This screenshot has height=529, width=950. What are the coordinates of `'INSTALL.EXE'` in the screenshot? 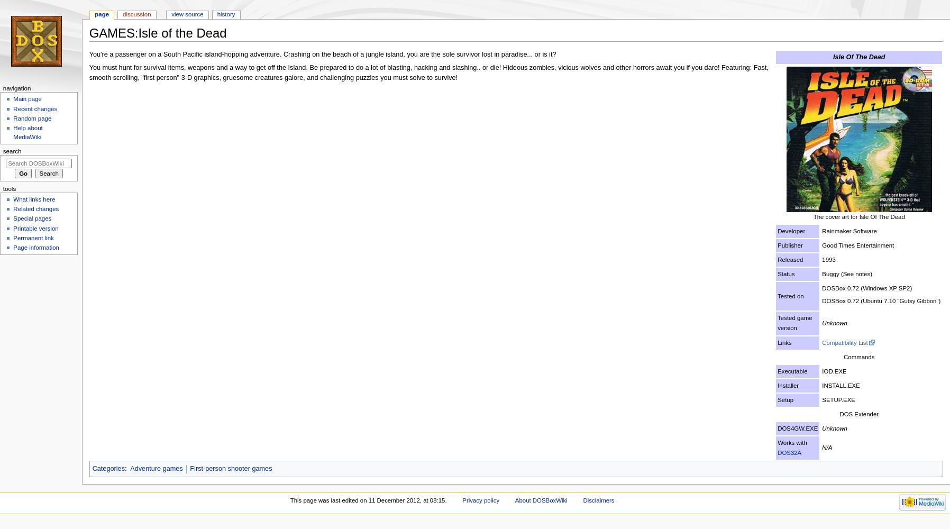 It's located at (821, 385).